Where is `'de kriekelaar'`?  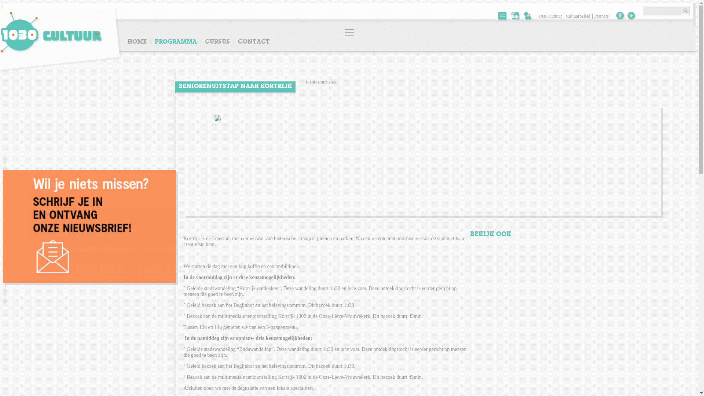 'de kriekelaar' is located at coordinates (528, 16).